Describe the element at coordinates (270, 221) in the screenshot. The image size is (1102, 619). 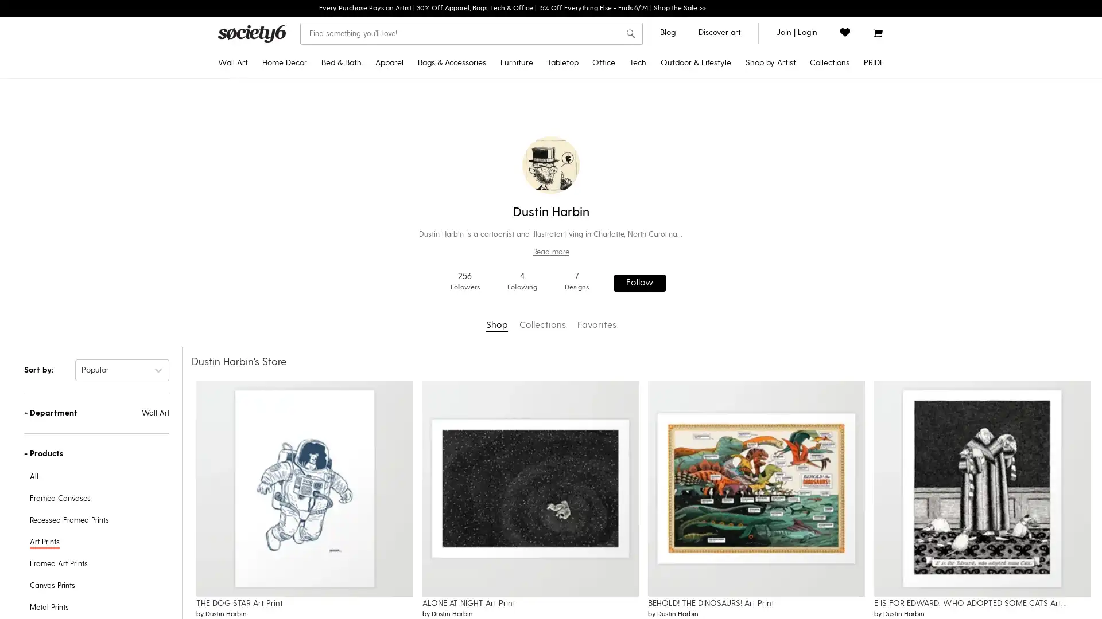
I see `Floating Acrylic Prints` at that location.